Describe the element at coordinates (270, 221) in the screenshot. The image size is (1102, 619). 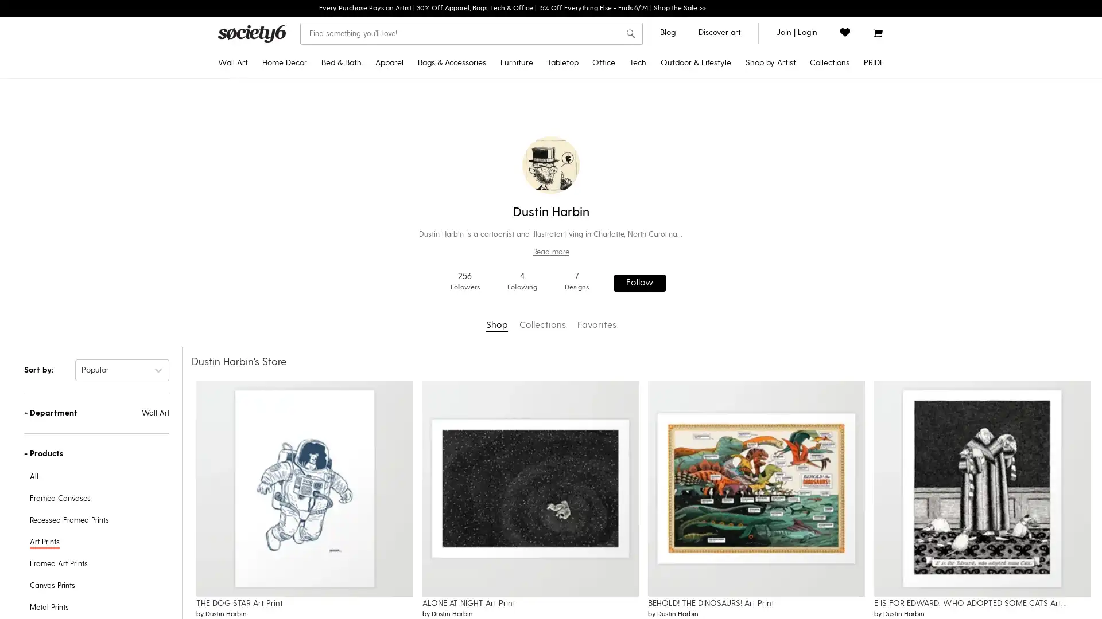
I see `Floating Acrylic Prints` at that location.